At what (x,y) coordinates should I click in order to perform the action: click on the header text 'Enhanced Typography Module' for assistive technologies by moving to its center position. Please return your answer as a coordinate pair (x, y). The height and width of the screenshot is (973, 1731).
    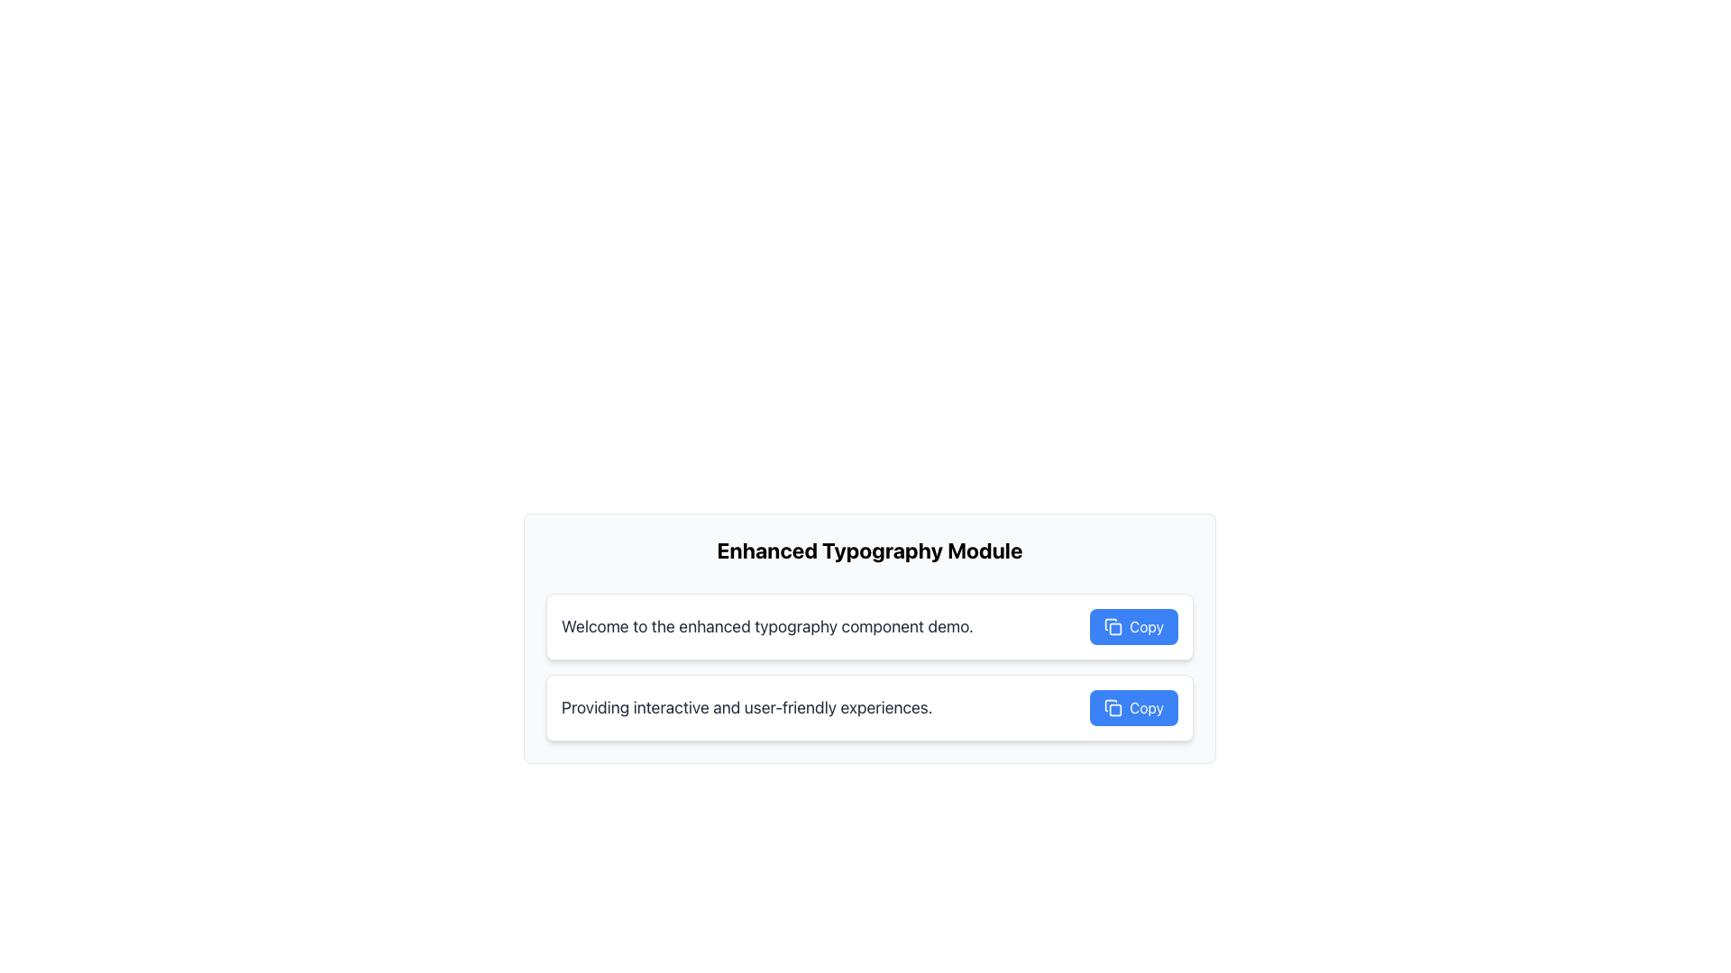
    Looking at the image, I should click on (869, 549).